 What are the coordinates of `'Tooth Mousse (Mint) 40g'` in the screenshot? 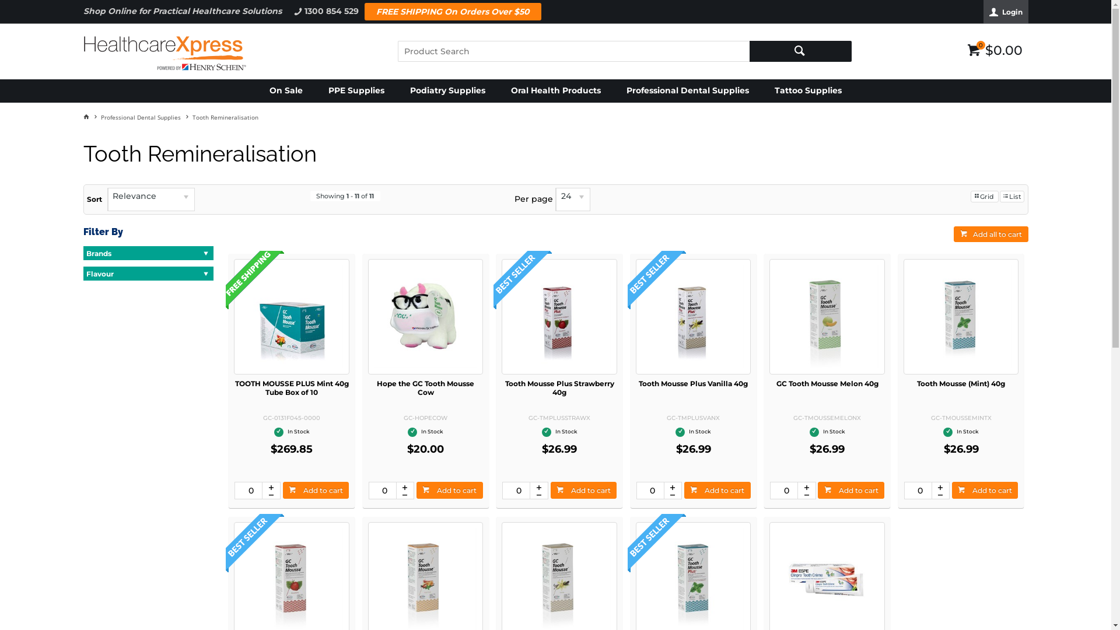 It's located at (961, 383).